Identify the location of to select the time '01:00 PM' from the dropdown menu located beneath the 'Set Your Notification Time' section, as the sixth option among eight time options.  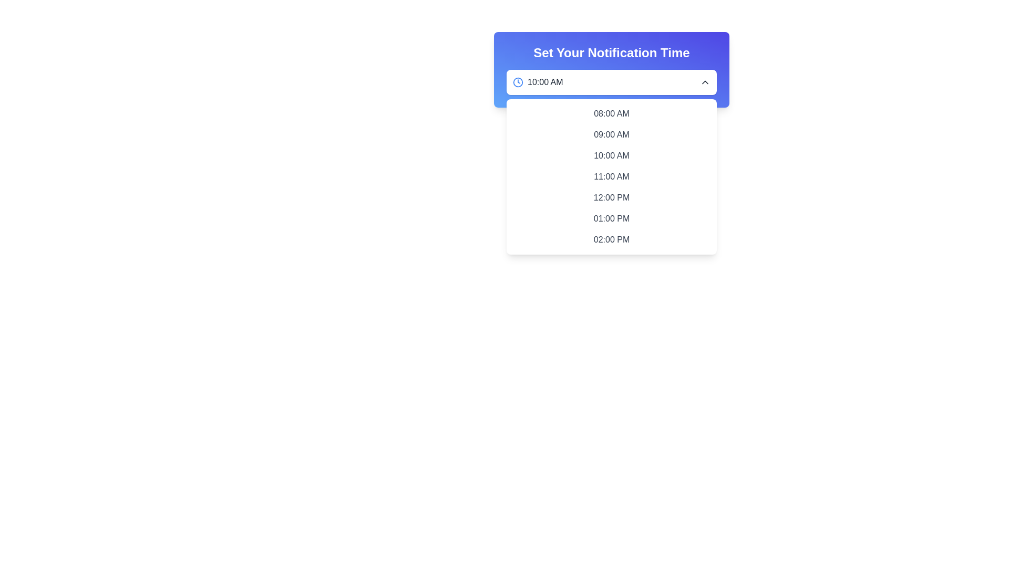
(611, 218).